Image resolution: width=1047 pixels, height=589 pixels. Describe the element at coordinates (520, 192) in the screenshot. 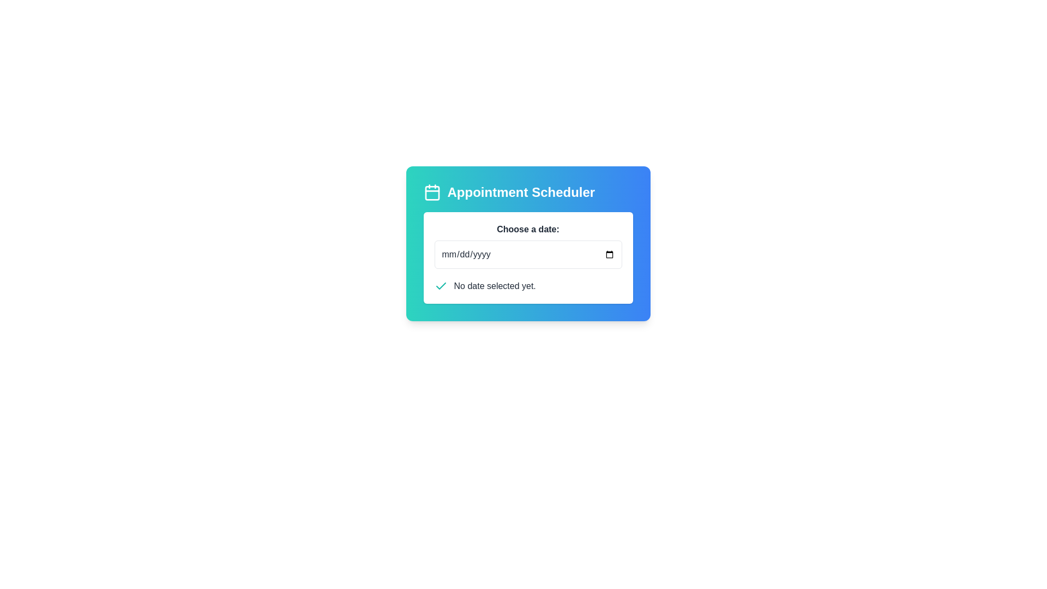

I see `the prominent text label displaying 'Appointment Scheduler' in the header section of the card layout` at that location.